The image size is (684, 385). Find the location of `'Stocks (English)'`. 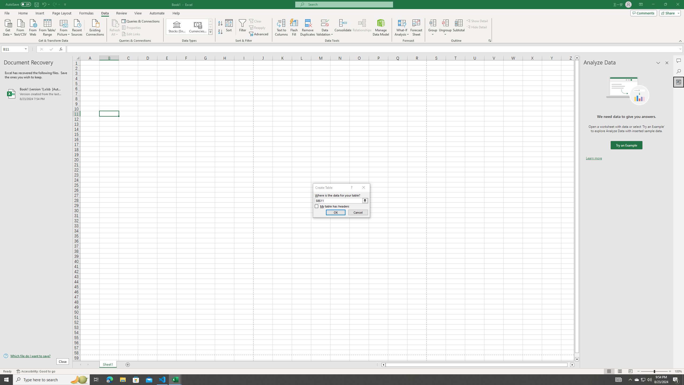

'Stocks (English)' is located at coordinates (176, 26).